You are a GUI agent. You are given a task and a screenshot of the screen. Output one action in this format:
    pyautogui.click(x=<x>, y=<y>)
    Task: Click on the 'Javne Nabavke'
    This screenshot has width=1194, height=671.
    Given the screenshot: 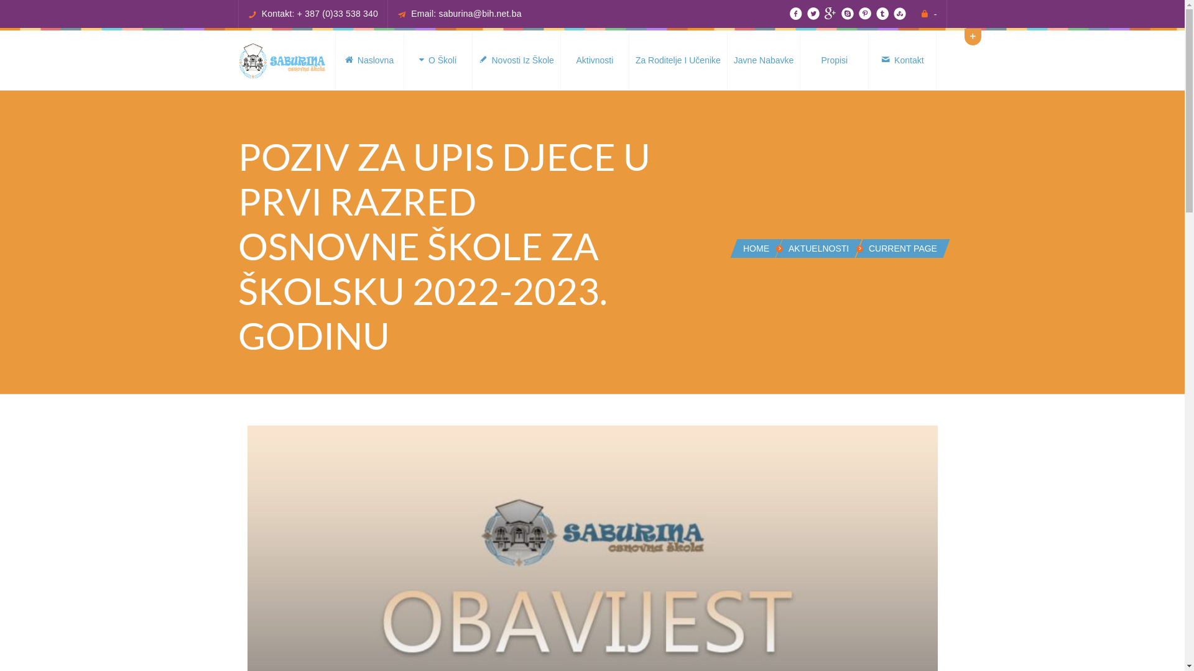 What is the action you would take?
    pyautogui.click(x=763, y=60)
    